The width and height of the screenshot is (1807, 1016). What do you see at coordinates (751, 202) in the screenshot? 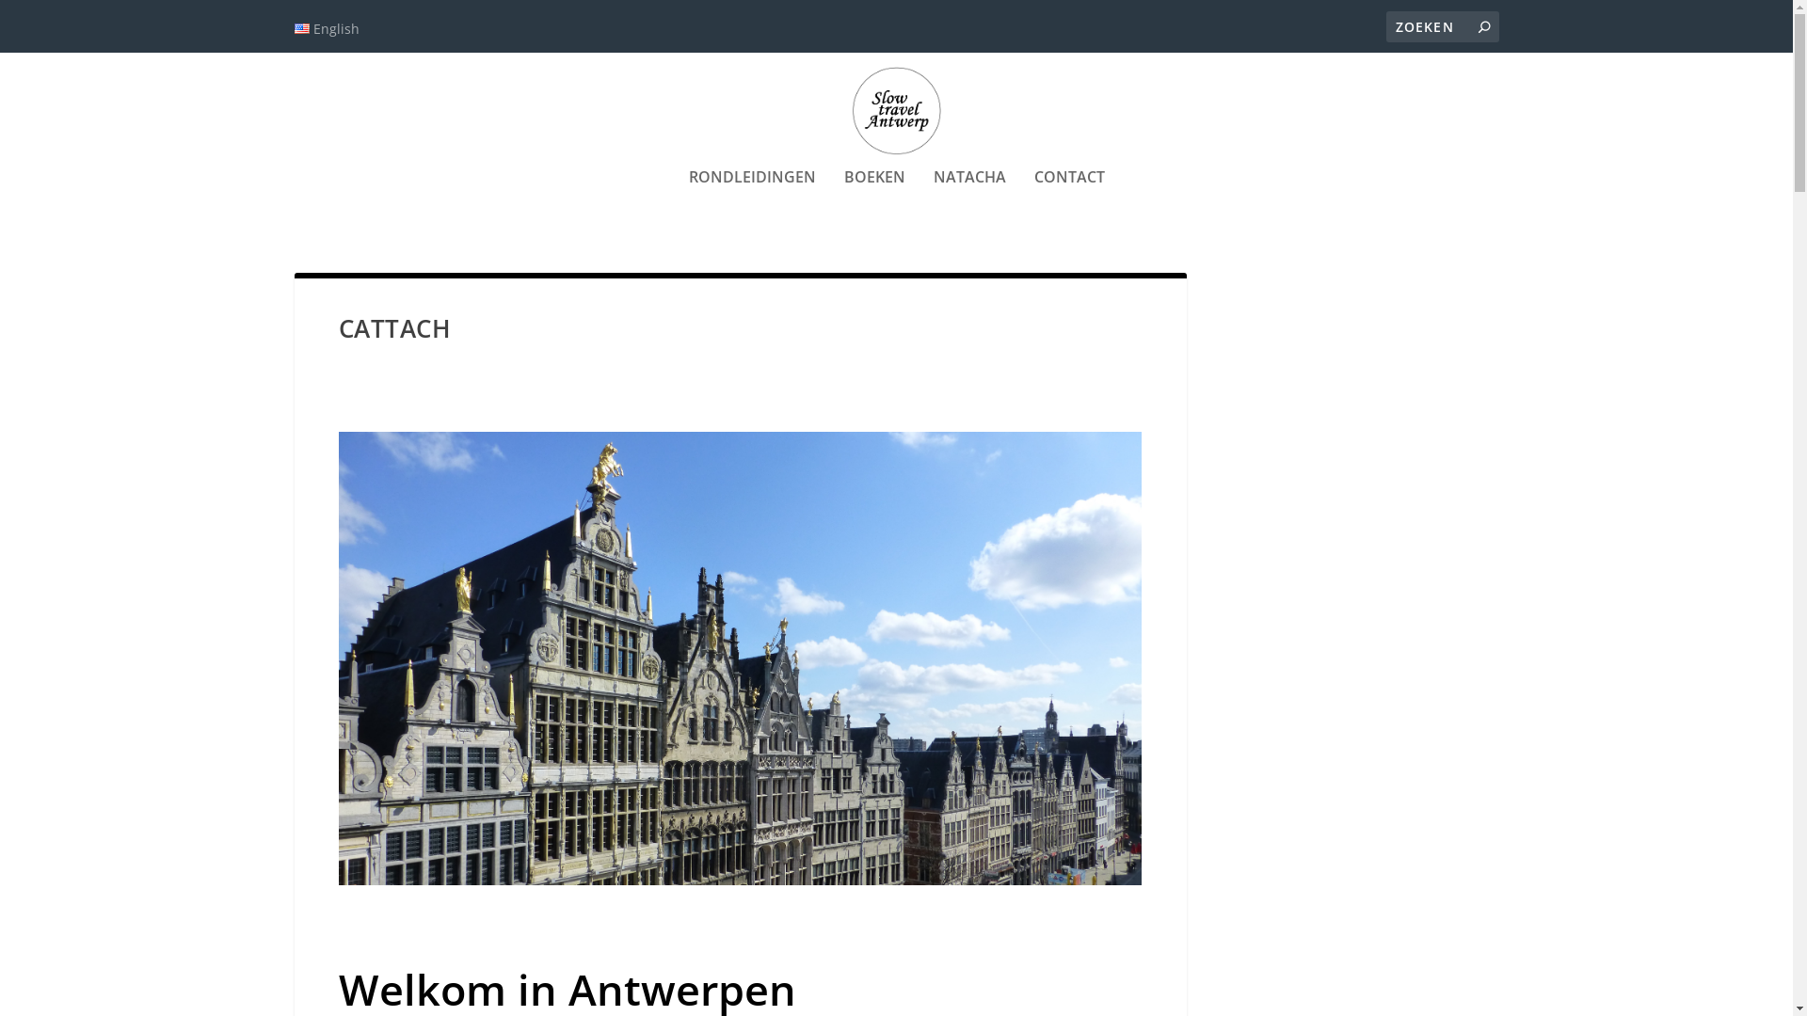
I see `'RONDLEIDINGEN'` at bounding box center [751, 202].